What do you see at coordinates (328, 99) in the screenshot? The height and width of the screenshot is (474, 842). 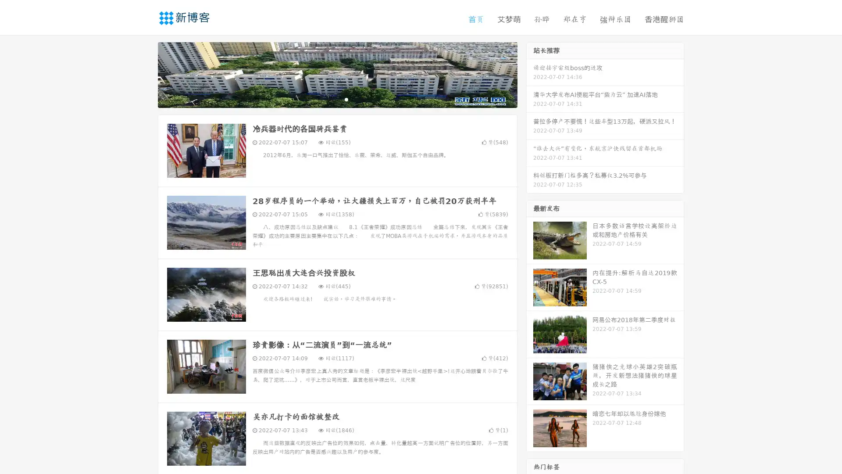 I see `Go to slide 1` at bounding box center [328, 99].